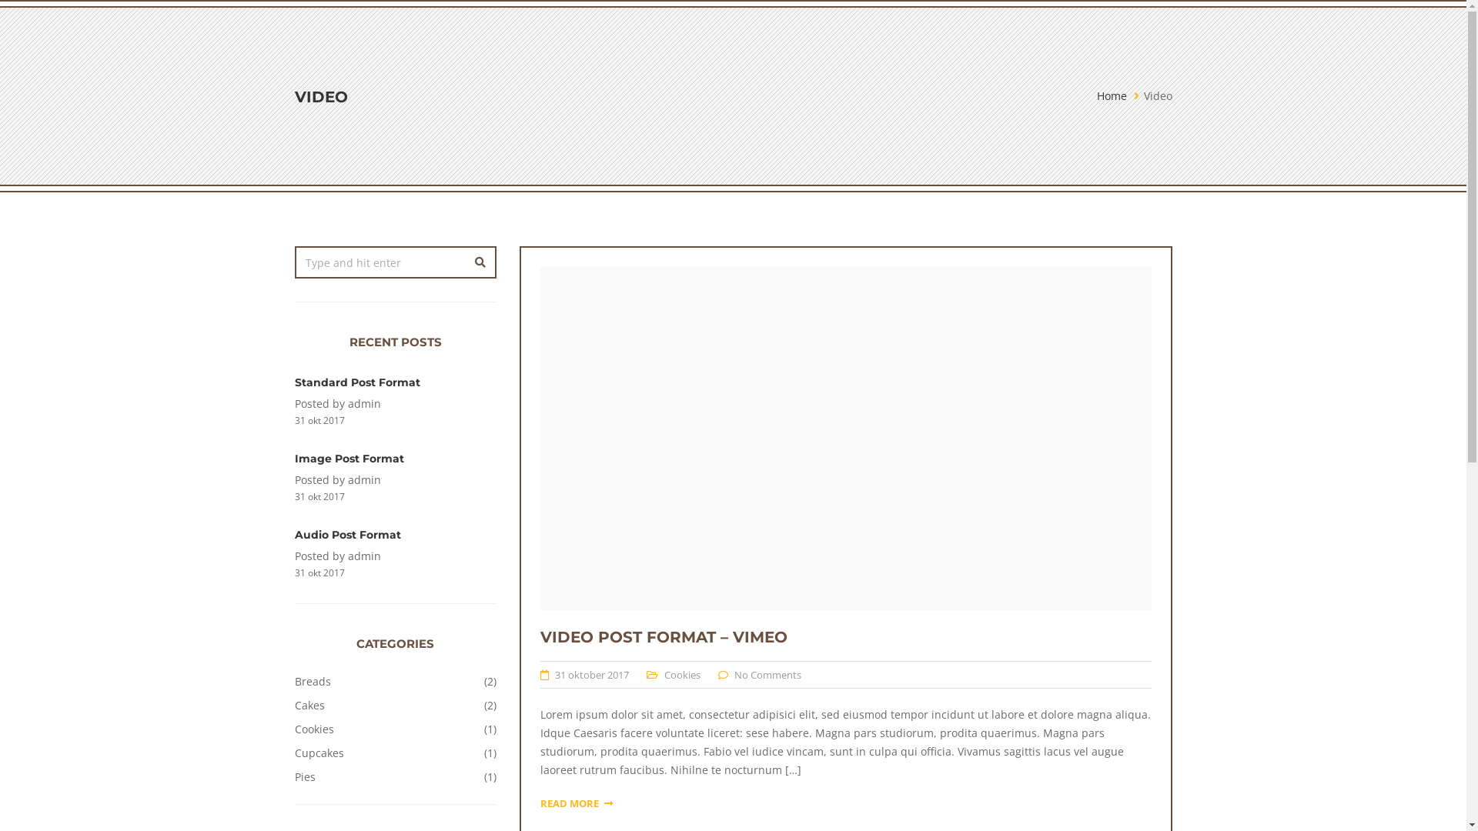 The height and width of the screenshot is (831, 1478). What do you see at coordinates (664, 673) in the screenshot?
I see `'Cookies'` at bounding box center [664, 673].